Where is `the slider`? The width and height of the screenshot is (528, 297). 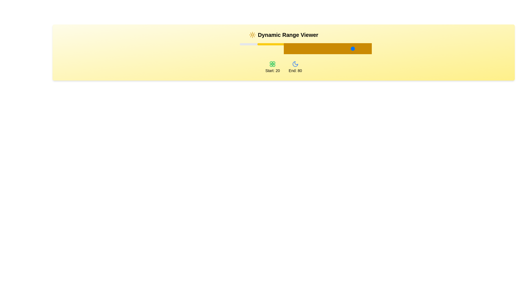
the slider is located at coordinates (298, 44).